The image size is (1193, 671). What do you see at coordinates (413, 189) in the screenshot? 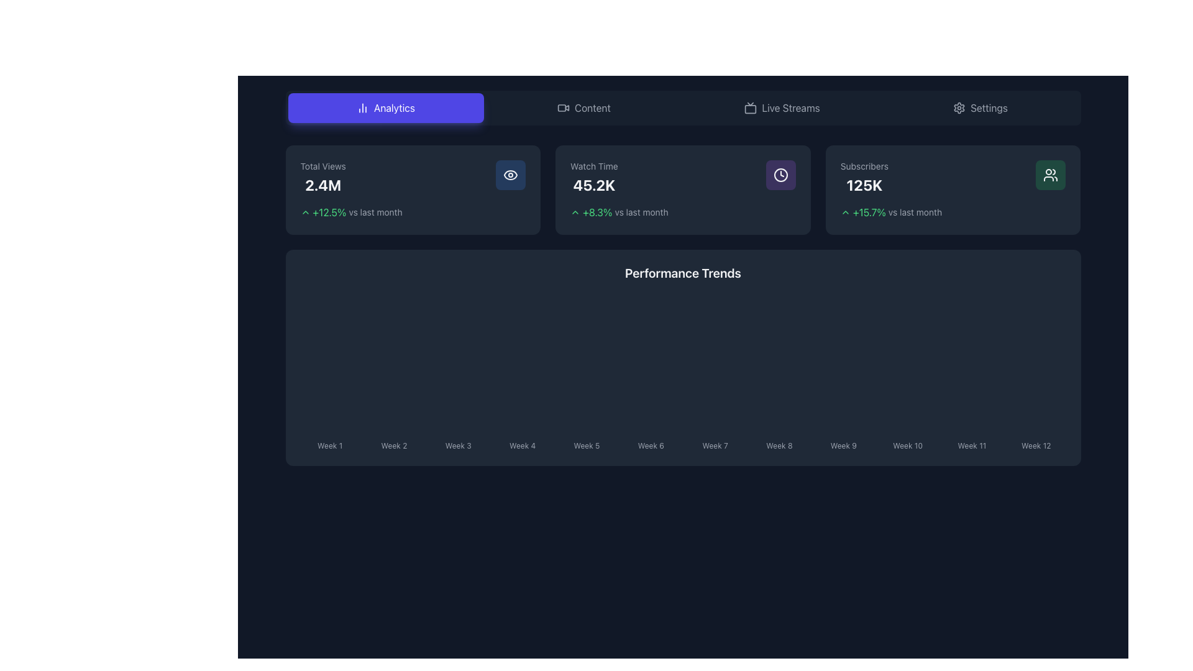
I see `displayed information on the total views card located at the top left corner of the grid layout, which provides key metrics and percentage change relative to the previous month` at bounding box center [413, 189].